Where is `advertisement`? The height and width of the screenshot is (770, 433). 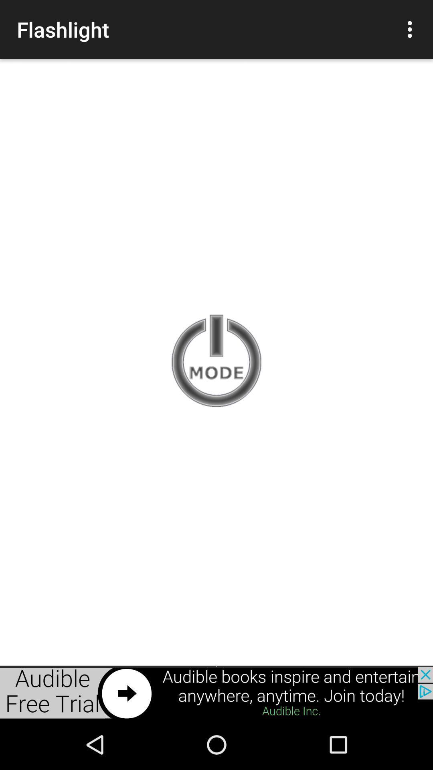
advertisement is located at coordinates (216, 693).